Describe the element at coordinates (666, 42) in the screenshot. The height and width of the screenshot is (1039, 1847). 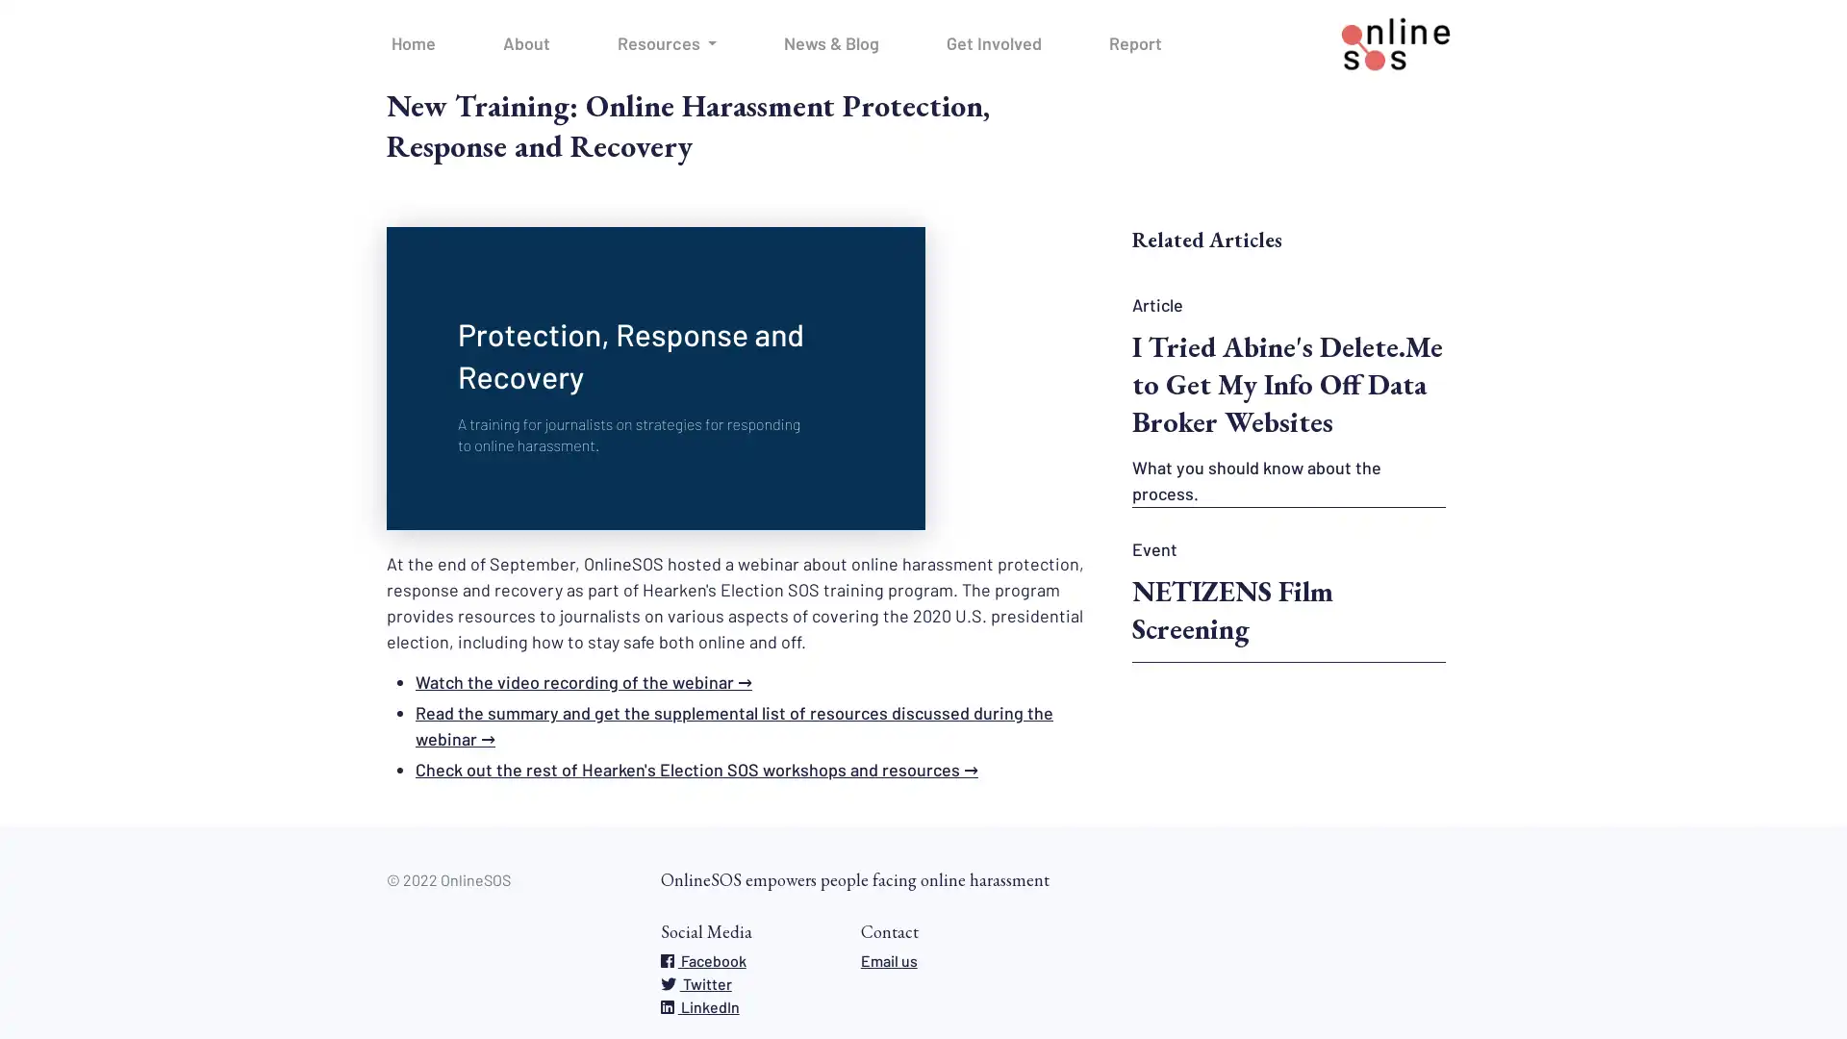
I see `Resources` at that location.